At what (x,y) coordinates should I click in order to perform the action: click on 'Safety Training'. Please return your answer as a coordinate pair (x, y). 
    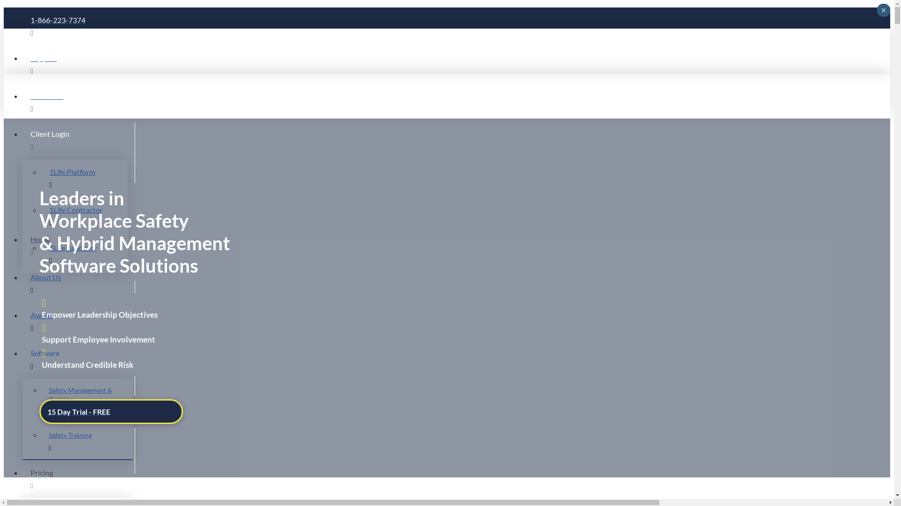
    Looking at the image, I should click on (87, 441).